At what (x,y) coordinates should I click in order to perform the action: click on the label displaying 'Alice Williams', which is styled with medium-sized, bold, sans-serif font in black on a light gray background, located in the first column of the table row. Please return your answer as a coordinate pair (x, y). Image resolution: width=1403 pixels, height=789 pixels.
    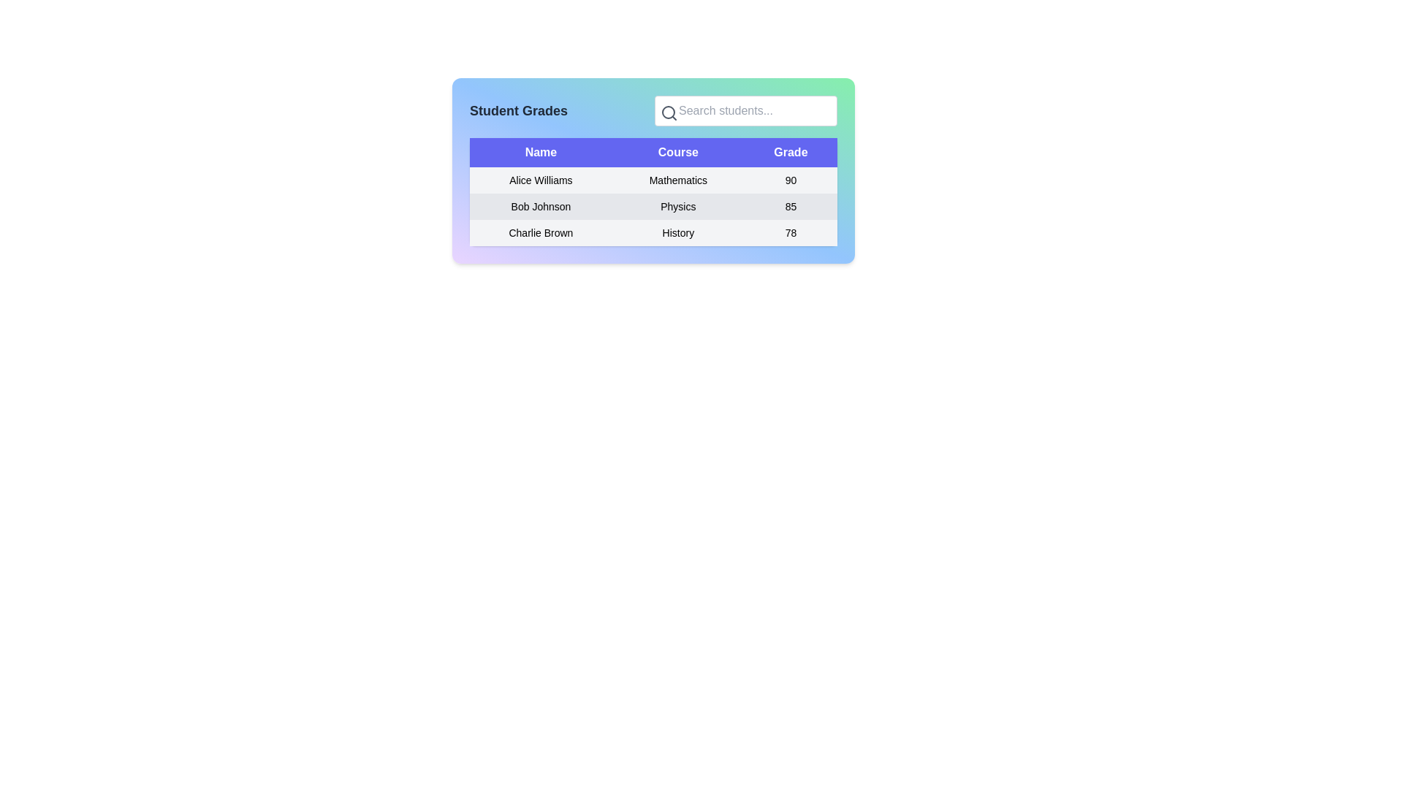
    Looking at the image, I should click on (540, 179).